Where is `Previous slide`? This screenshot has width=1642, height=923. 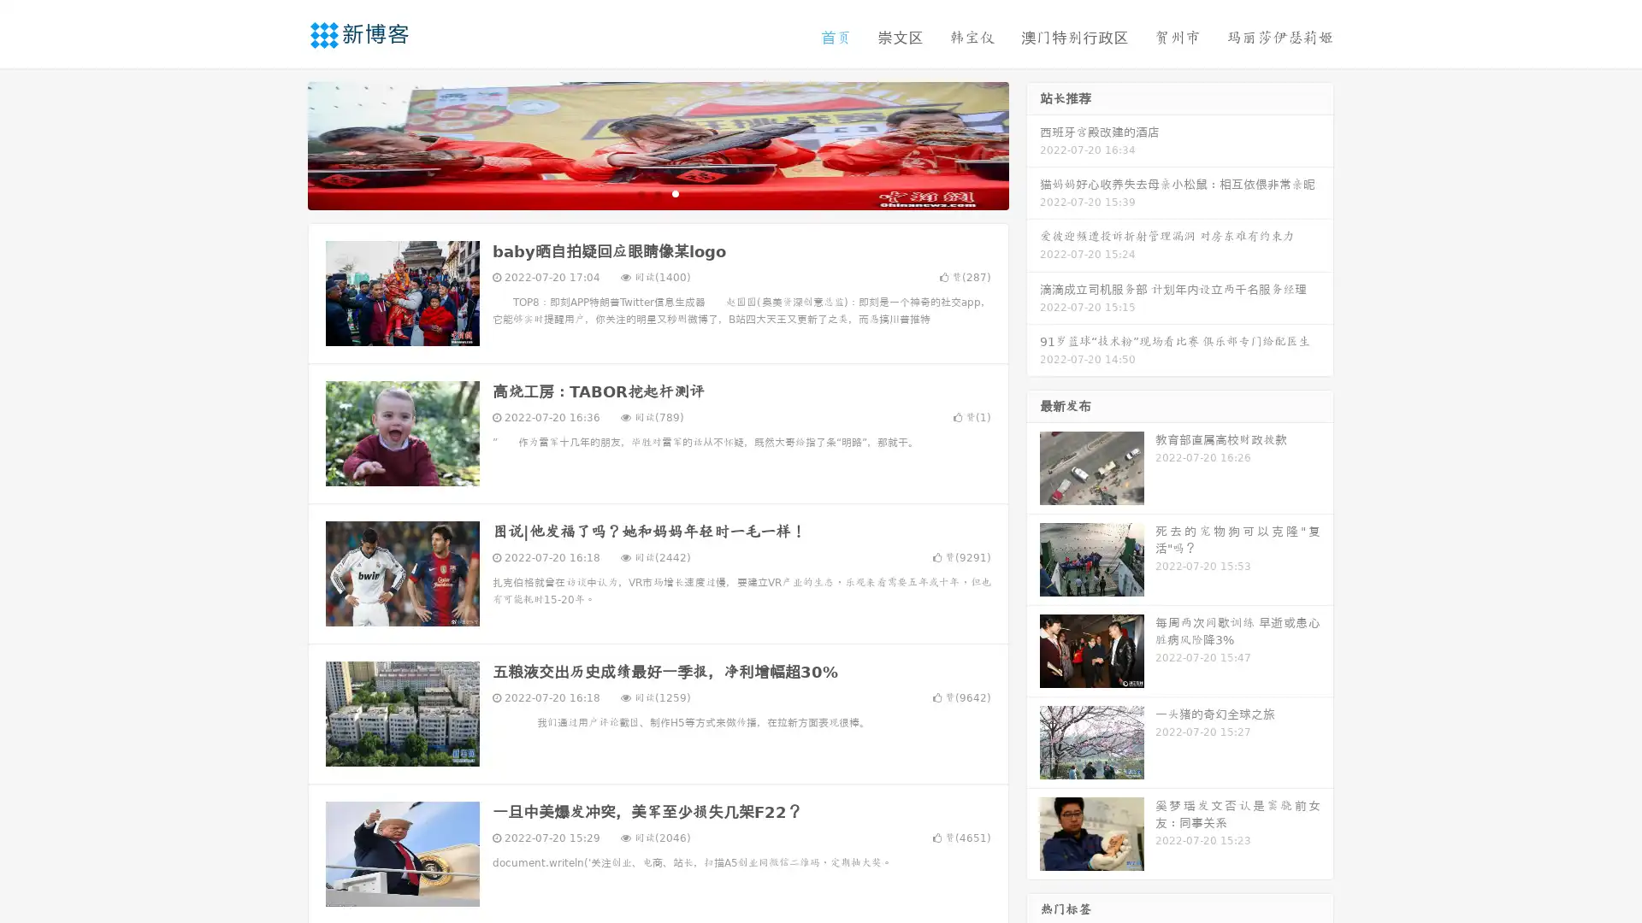 Previous slide is located at coordinates (282, 144).